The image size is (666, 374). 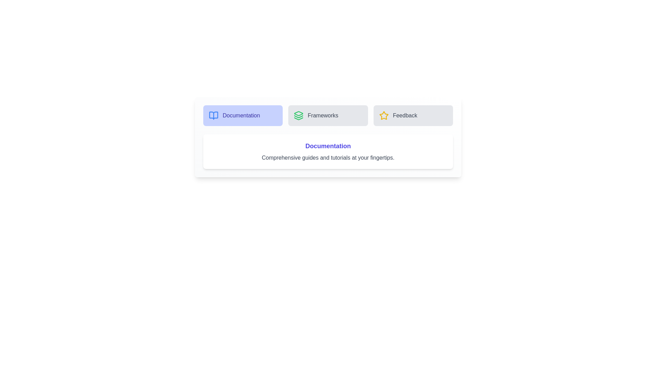 I want to click on the Documentation tab to view its content, so click(x=243, y=115).